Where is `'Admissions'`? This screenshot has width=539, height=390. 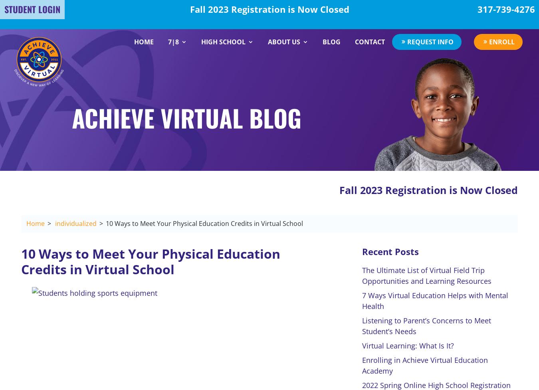
'Admissions' is located at coordinates (275, 68).